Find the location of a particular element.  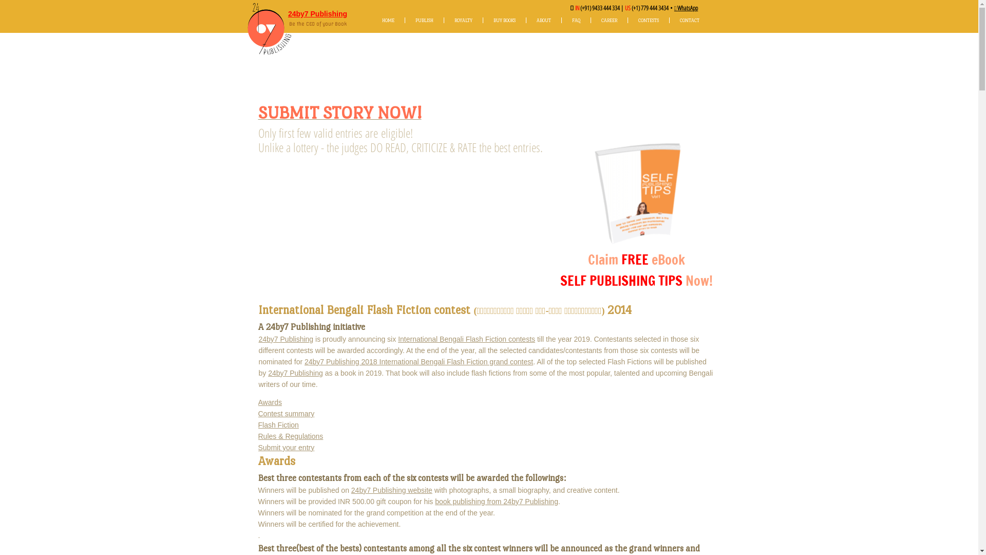

'Awards' is located at coordinates (258, 402).